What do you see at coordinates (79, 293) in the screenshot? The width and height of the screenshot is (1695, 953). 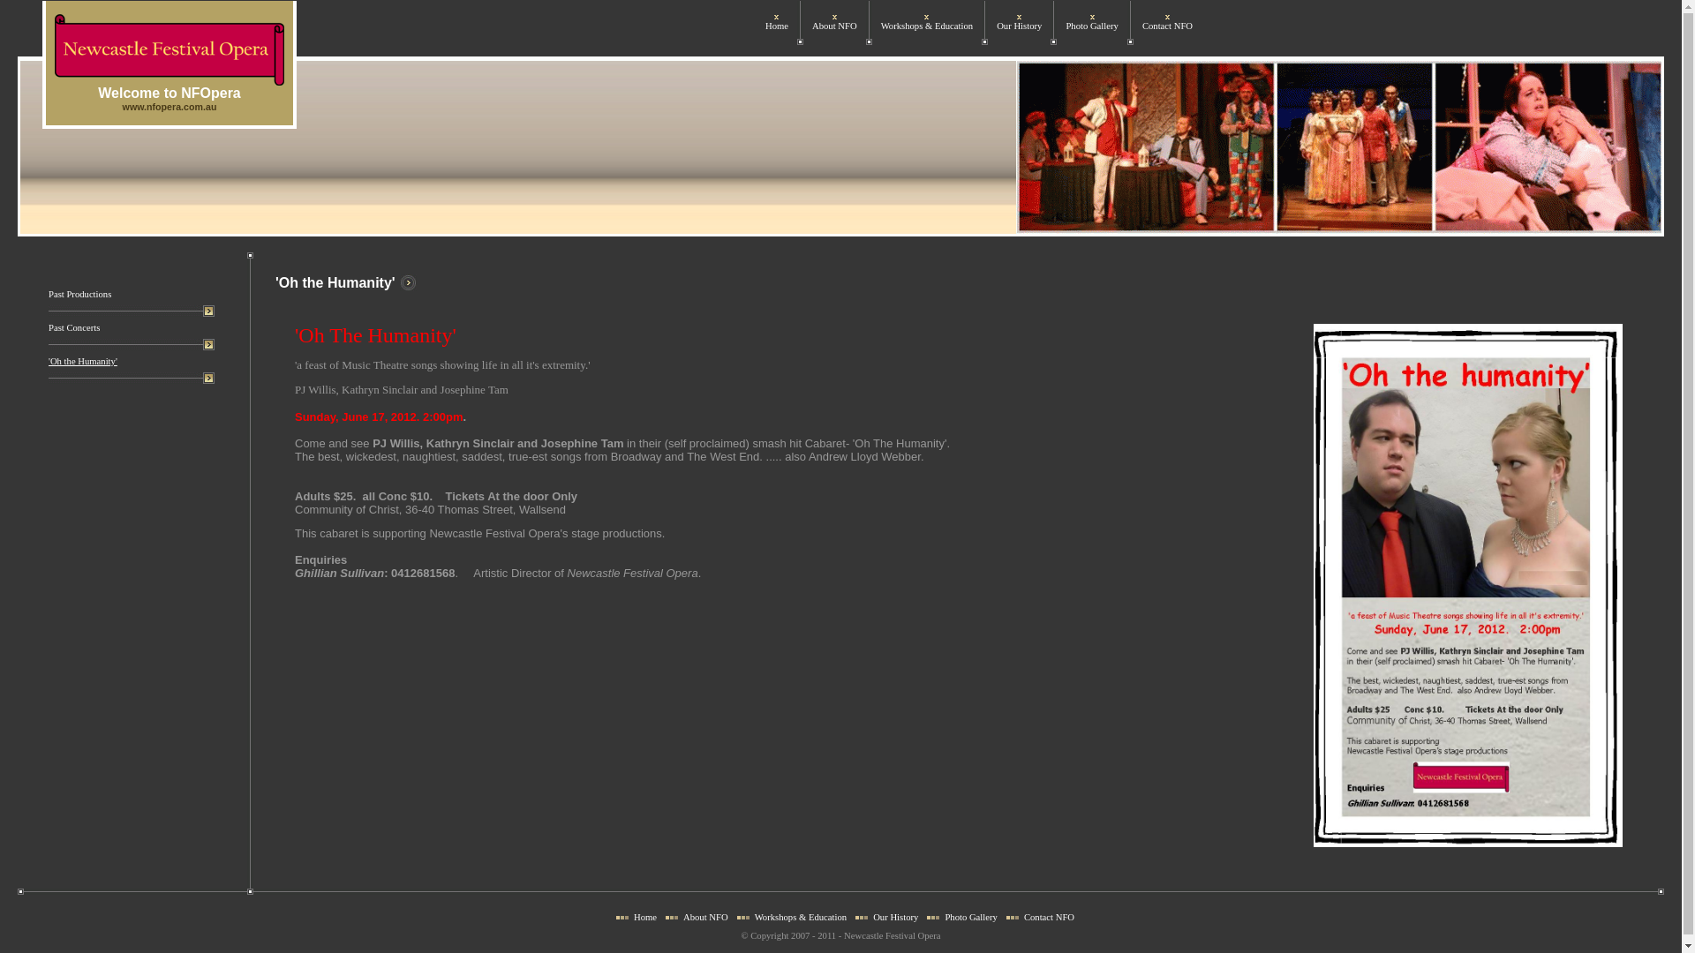 I see `'Past Productions'` at bounding box center [79, 293].